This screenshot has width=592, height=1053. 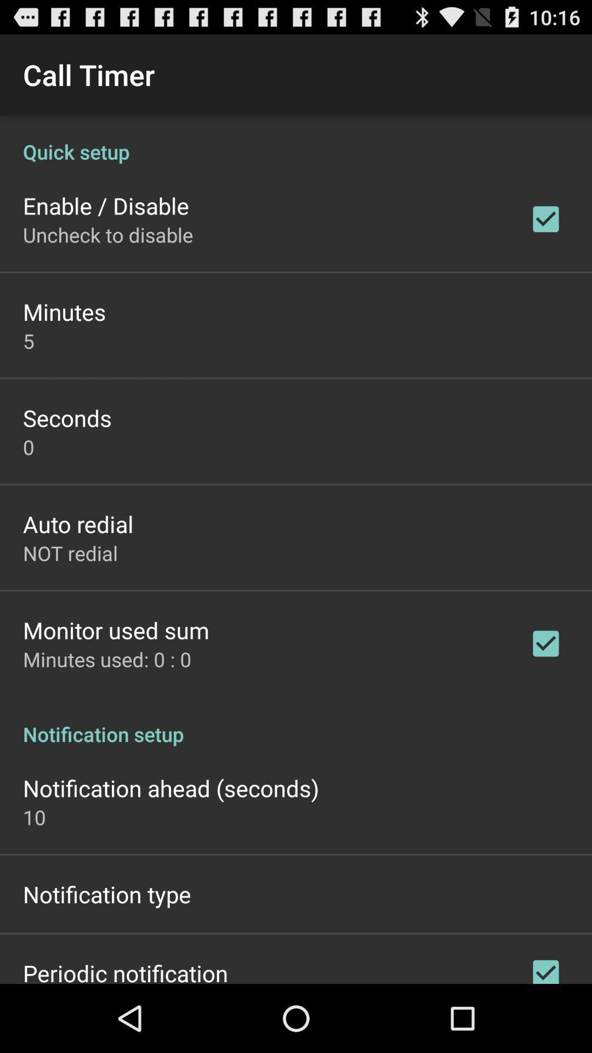 What do you see at coordinates (107, 894) in the screenshot?
I see `notification type app` at bounding box center [107, 894].